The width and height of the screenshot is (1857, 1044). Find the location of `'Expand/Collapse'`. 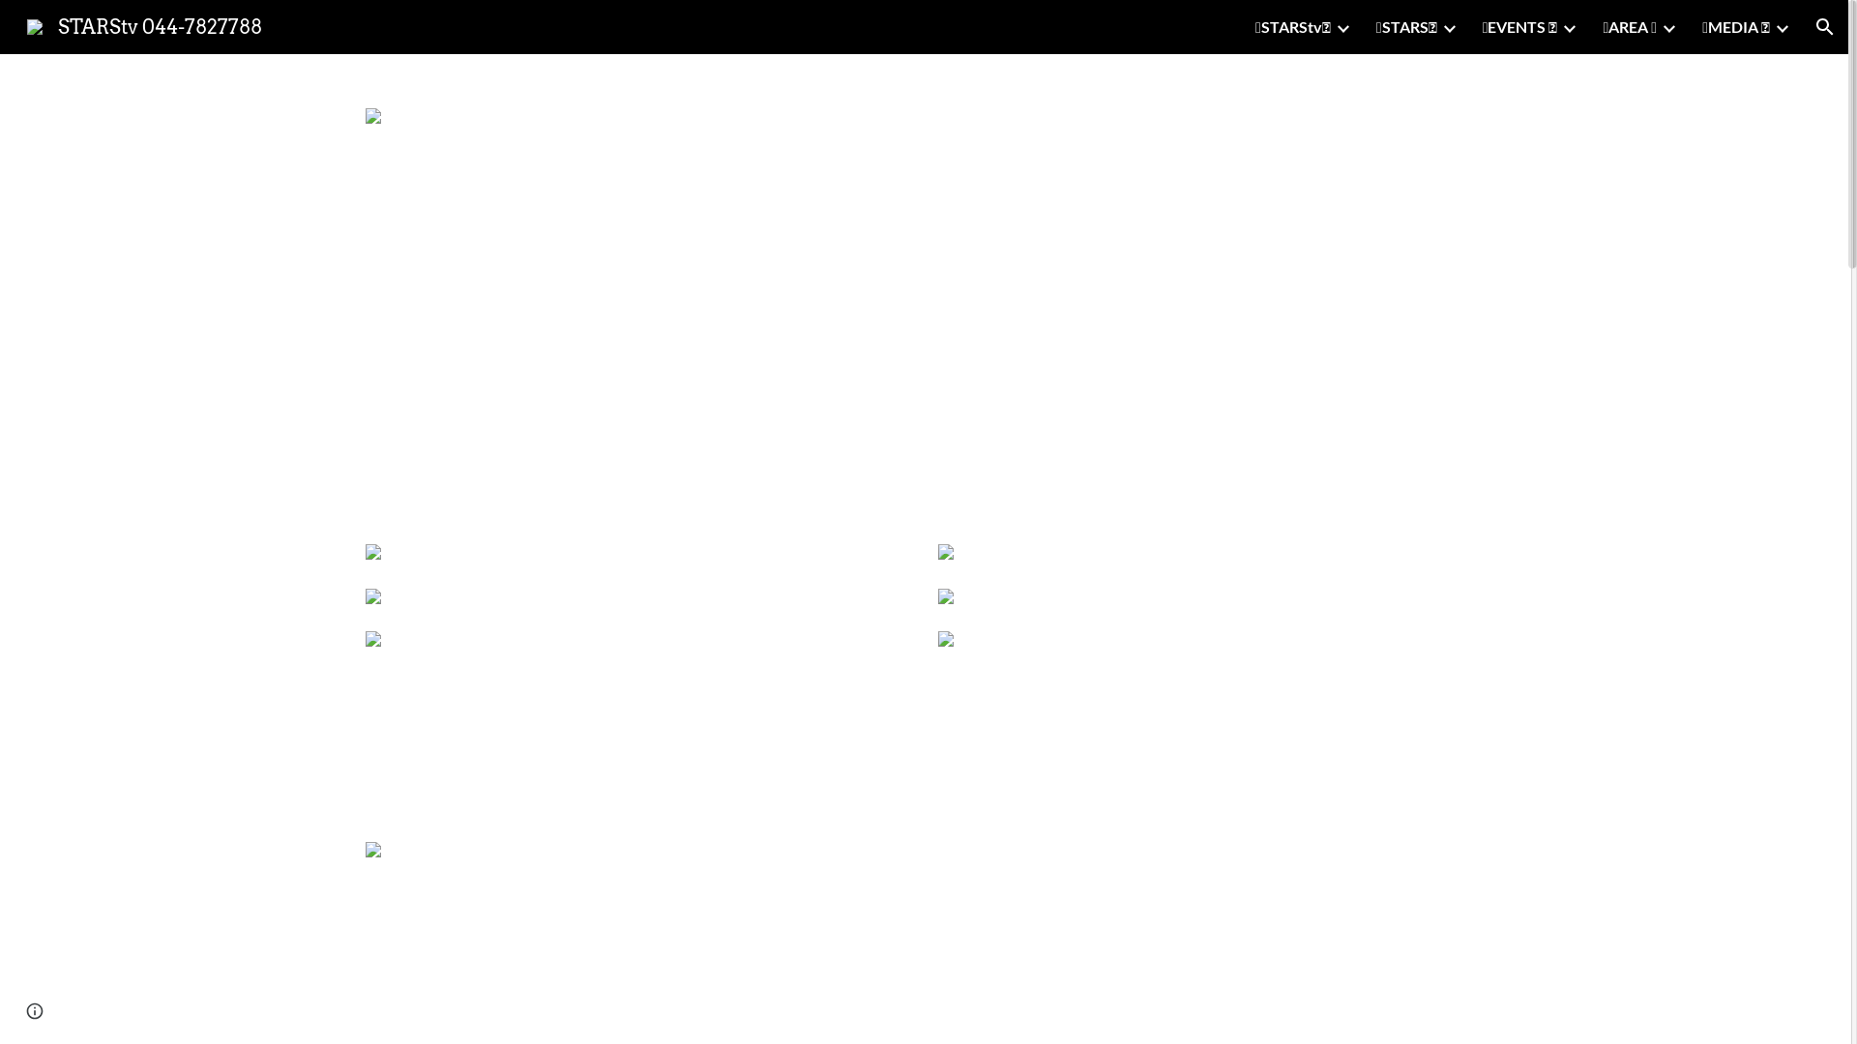

'Expand/Collapse' is located at coordinates (1448, 26).